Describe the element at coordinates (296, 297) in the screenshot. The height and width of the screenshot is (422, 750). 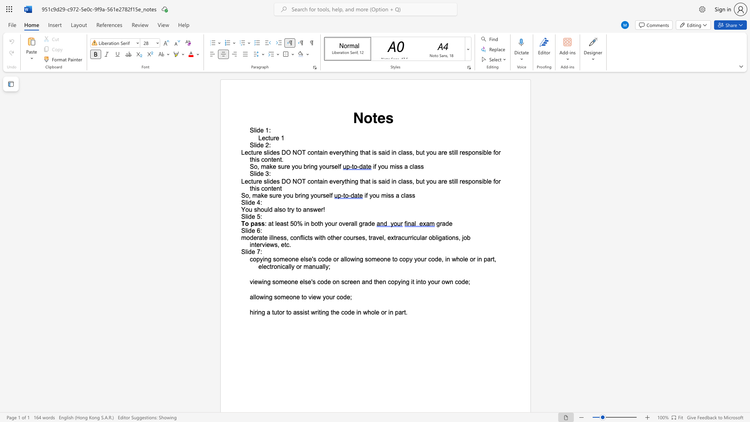
I see `the subset text "e t" within the text "allowing someone to view your code;"` at that location.